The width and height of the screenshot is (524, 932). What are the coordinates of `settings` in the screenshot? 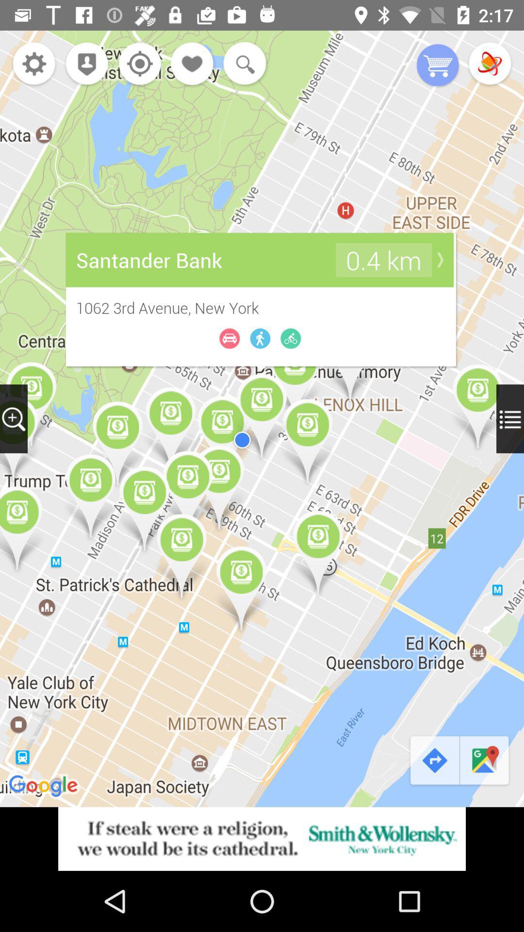 It's located at (33, 64).